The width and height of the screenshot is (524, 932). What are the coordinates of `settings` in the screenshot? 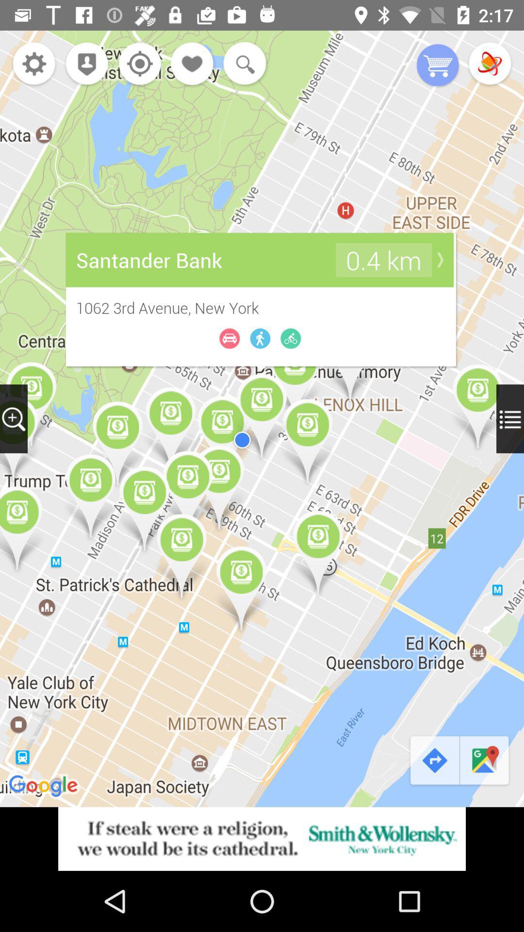 It's located at (33, 64).